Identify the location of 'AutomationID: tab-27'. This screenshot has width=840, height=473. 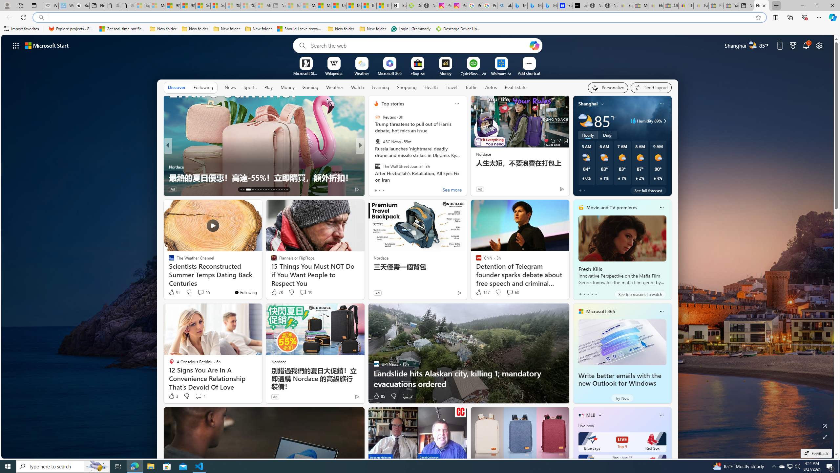
(281, 190).